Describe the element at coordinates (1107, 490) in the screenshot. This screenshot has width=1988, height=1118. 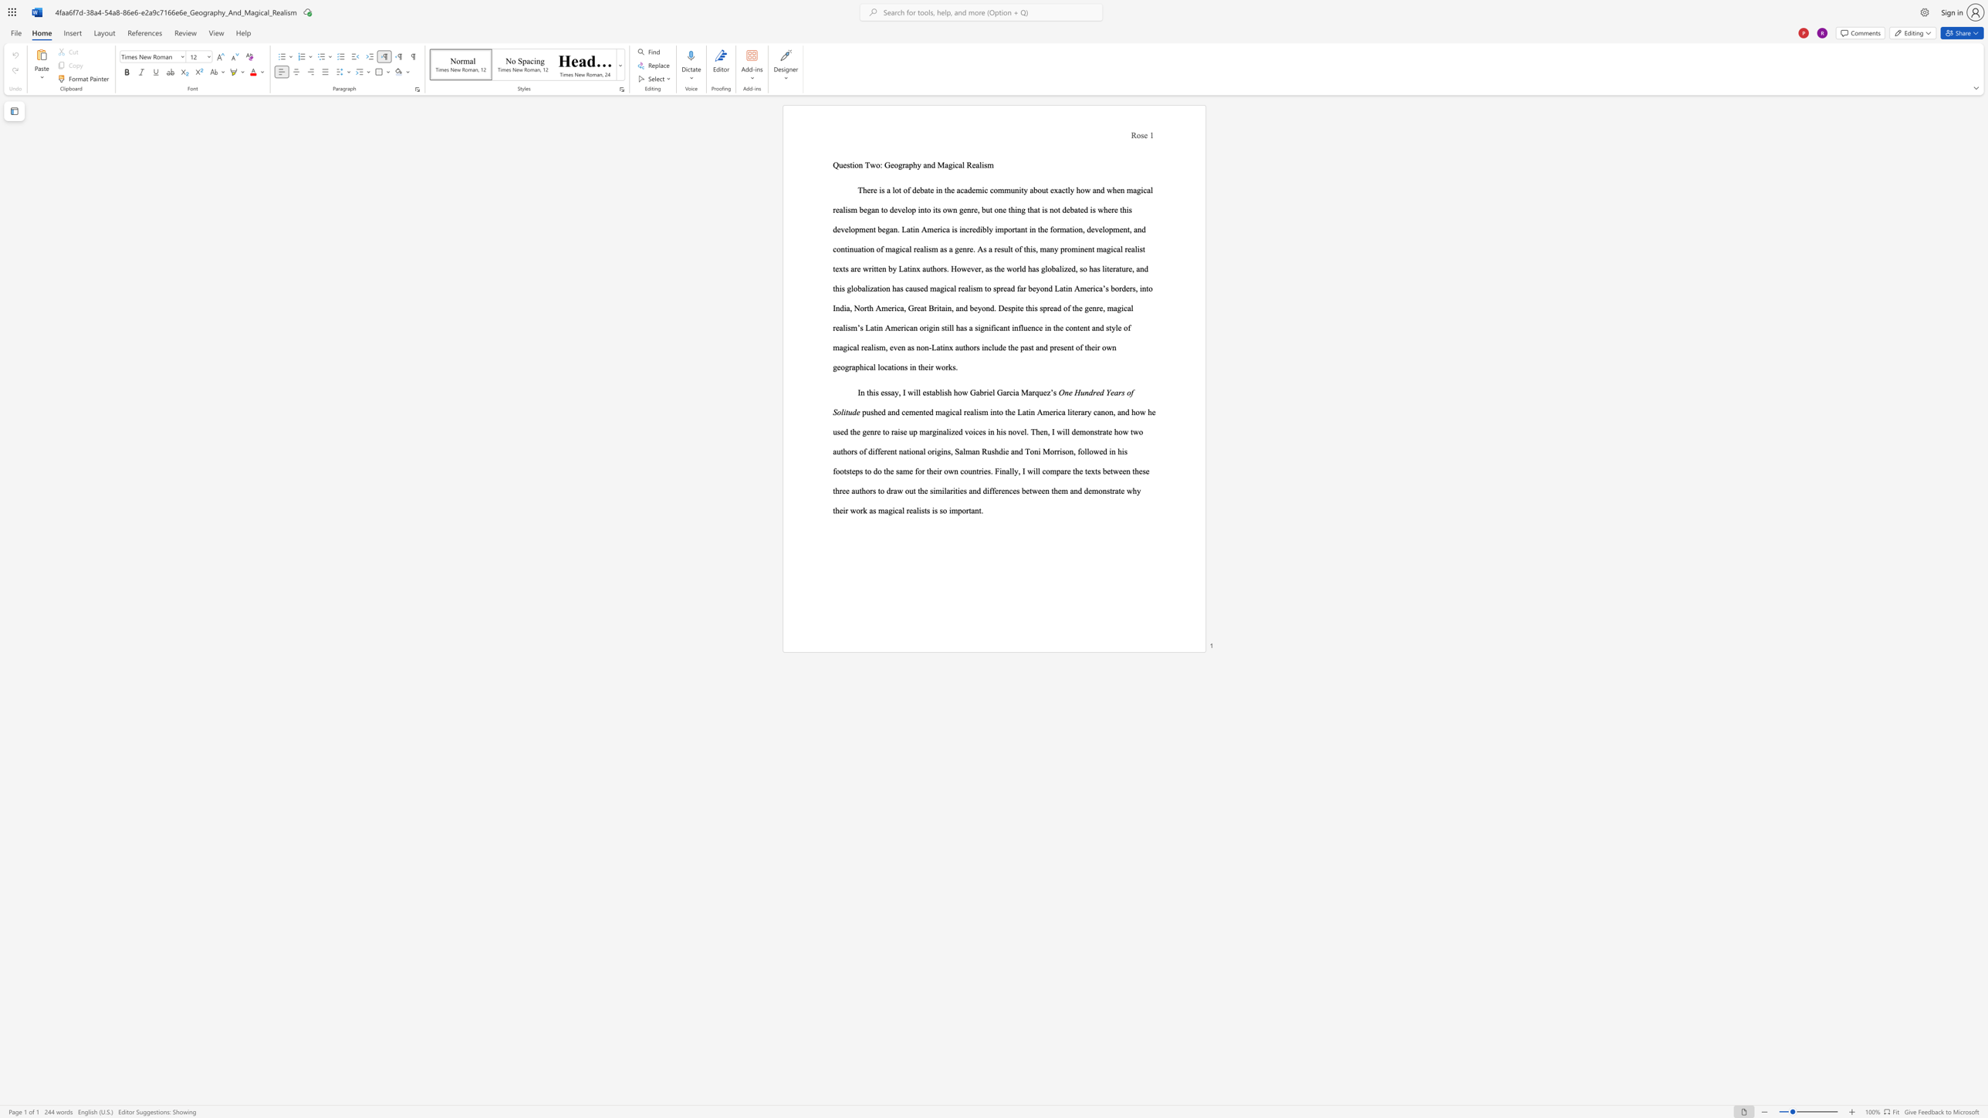
I see `the subset text "str" within the text "demonstrate"` at that location.